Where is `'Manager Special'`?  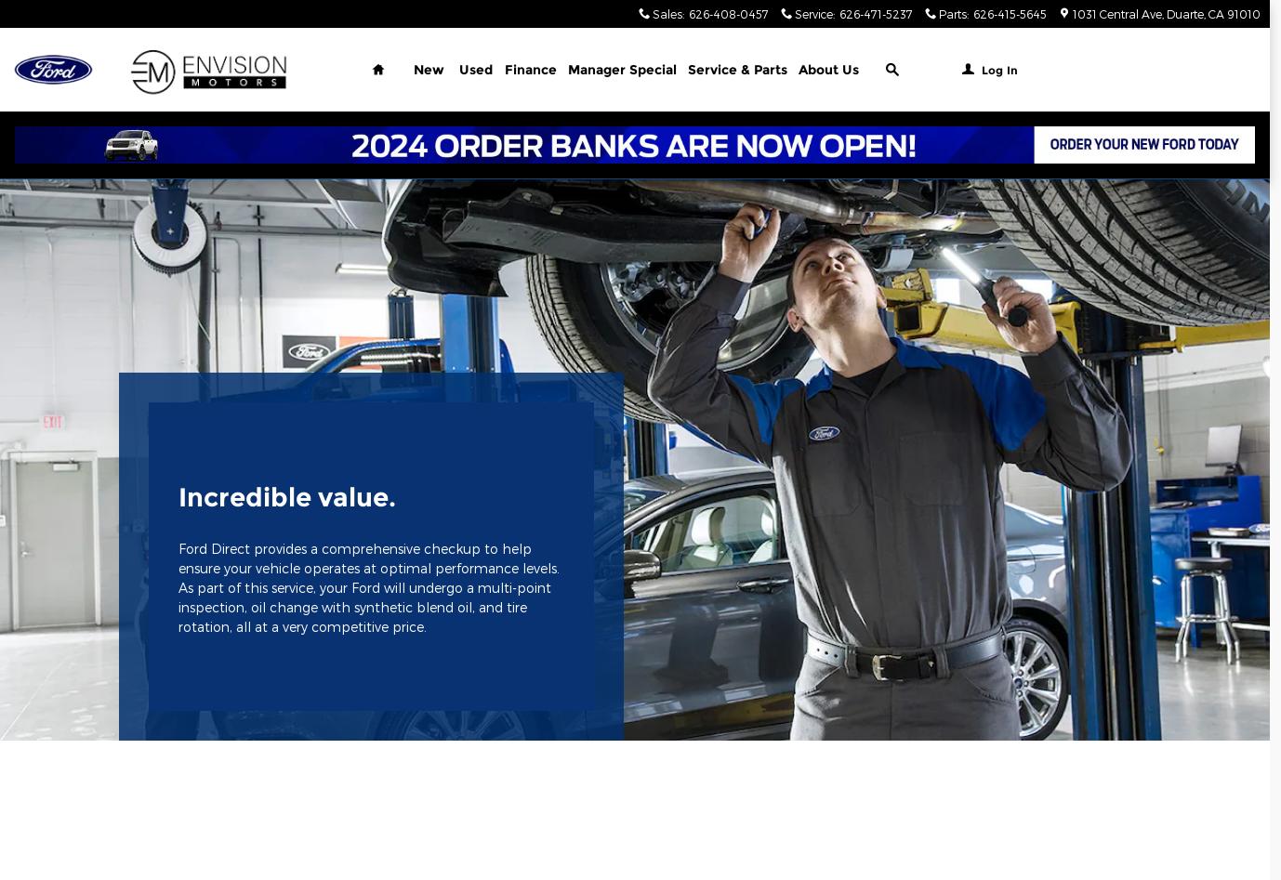 'Manager Special' is located at coordinates (621, 70).